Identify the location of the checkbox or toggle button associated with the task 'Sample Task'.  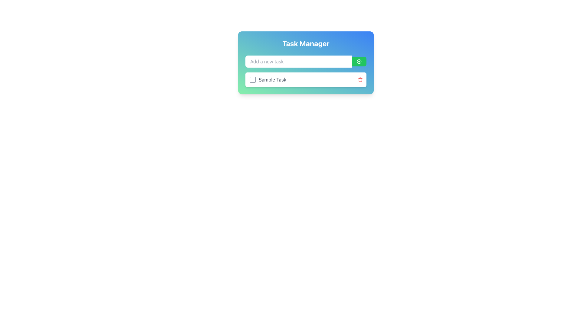
(253, 79).